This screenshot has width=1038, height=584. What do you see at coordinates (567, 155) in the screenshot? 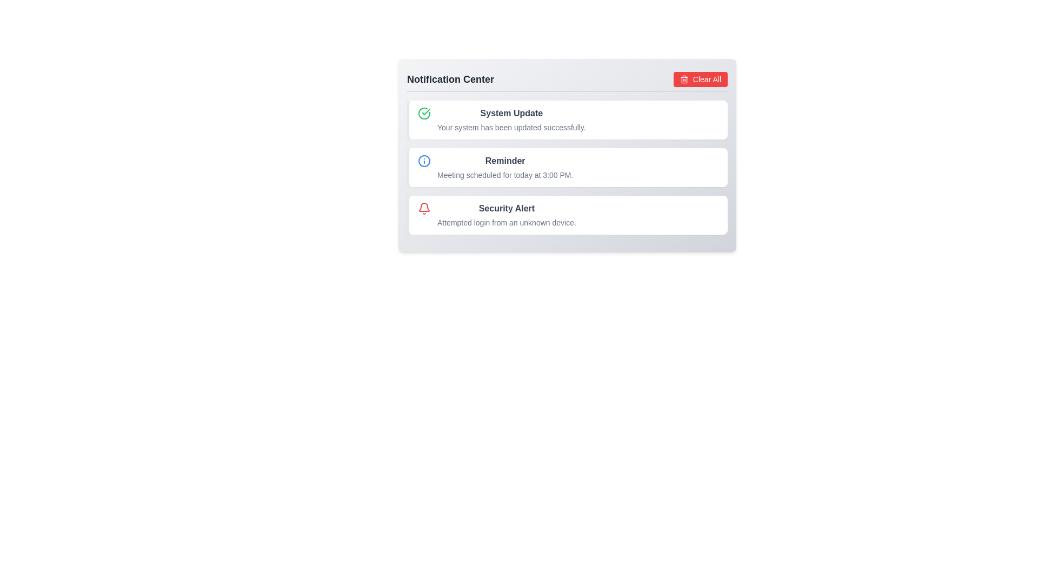
I see `the 'Reminder' notification` at bounding box center [567, 155].